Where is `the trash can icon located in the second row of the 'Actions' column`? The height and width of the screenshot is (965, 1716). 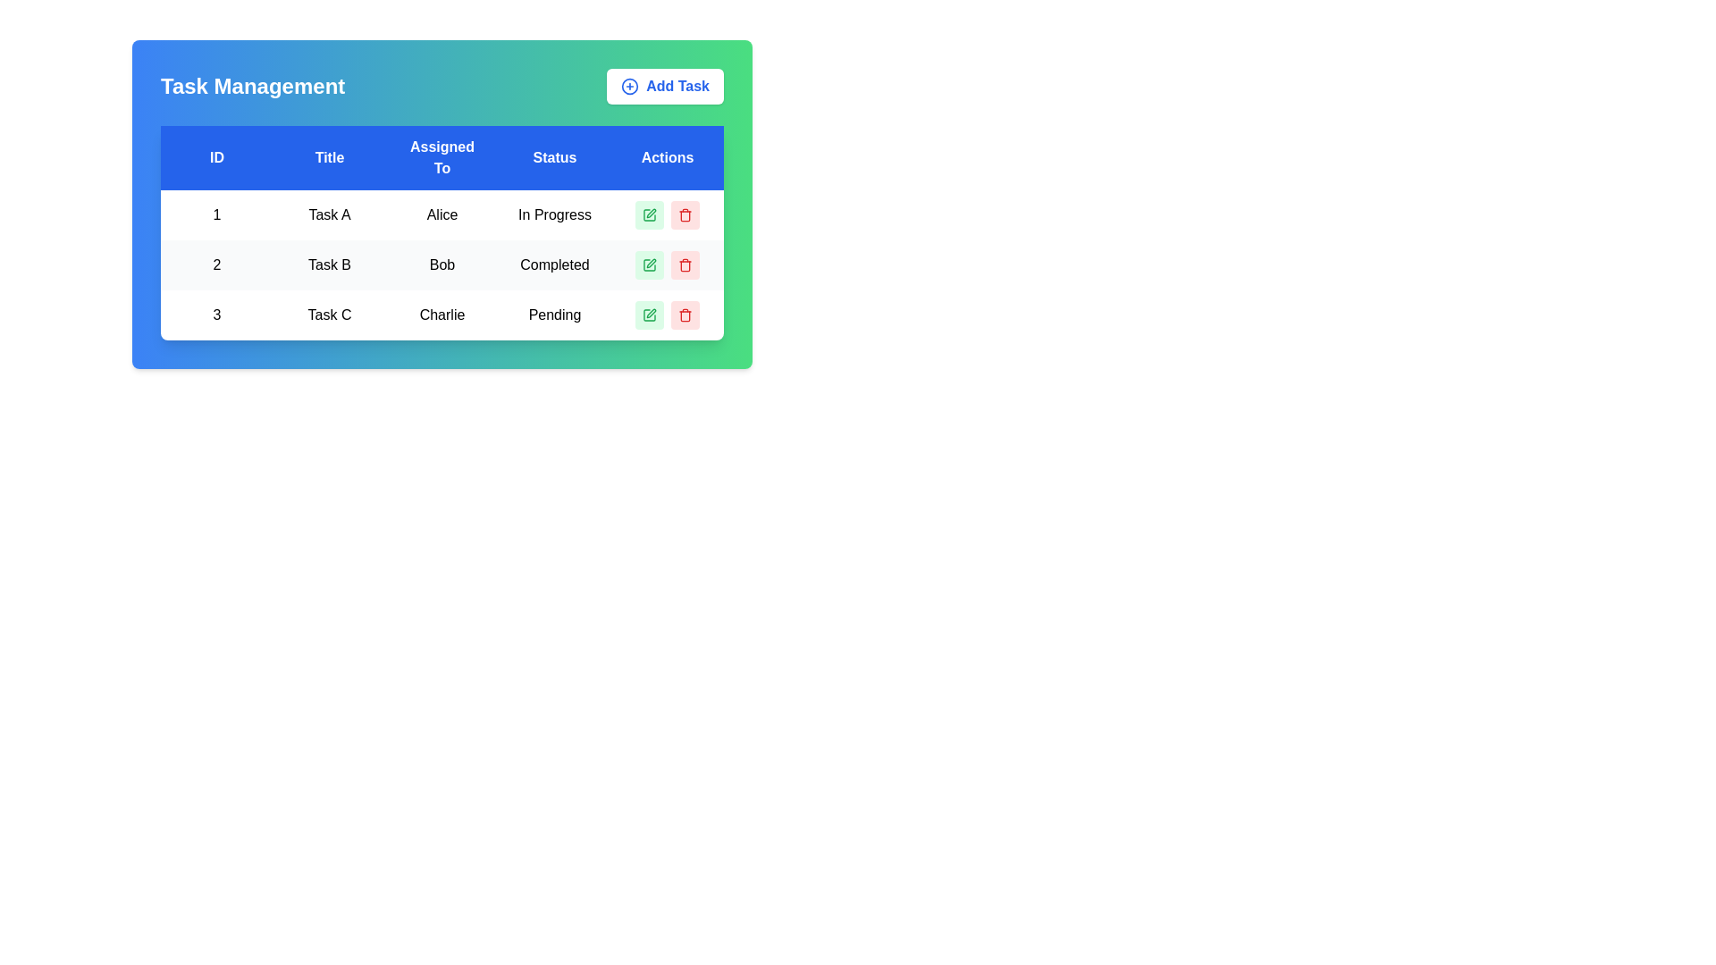 the trash can icon located in the second row of the 'Actions' column is located at coordinates (685, 265).